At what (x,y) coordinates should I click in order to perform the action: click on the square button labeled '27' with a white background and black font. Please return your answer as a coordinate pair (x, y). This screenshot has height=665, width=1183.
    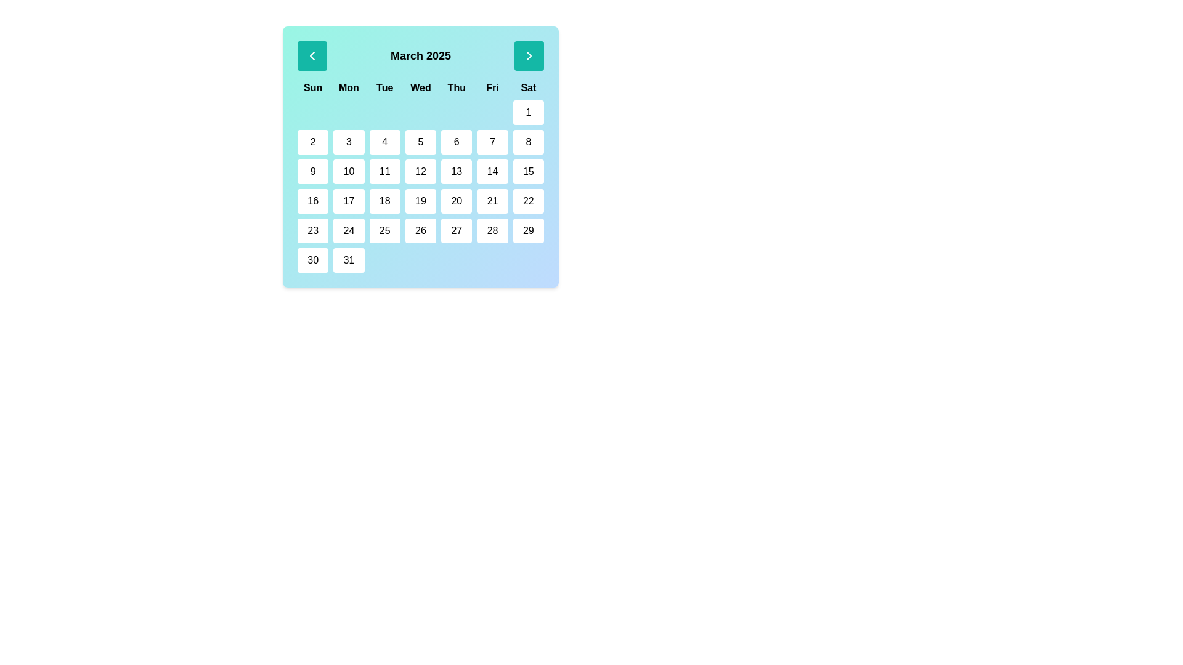
    Looking at the image, I should click on (456, 230).